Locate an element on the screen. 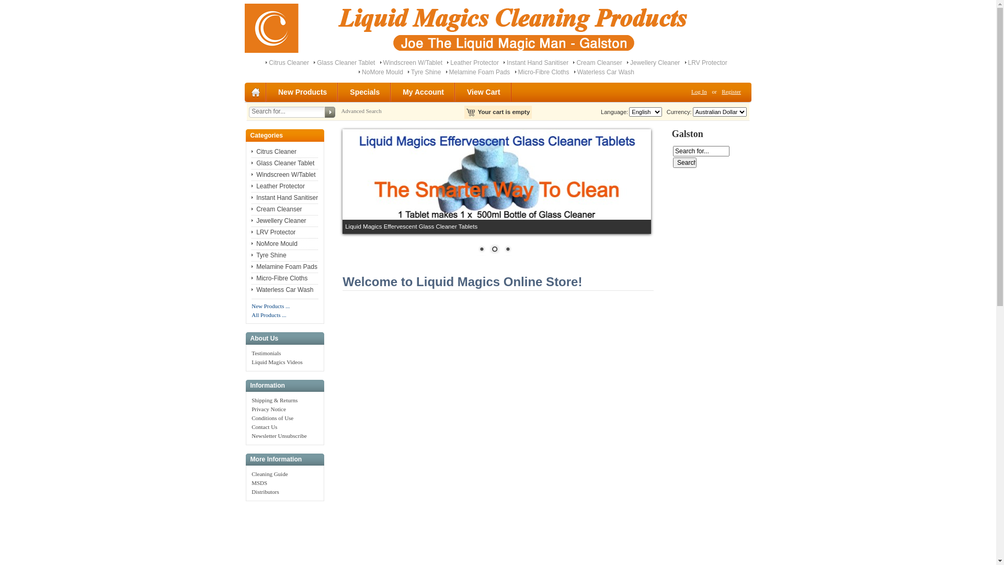 The width and height of the screenshot is (1004, 565). '2' is located at coordinates (494, 250).